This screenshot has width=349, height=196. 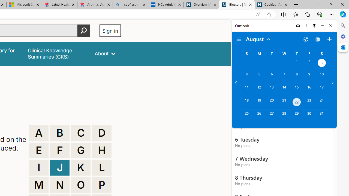 What do you see at coordinates (102, 133) in the screenshot?
I see `'D'` at bounding box center [102, 133].